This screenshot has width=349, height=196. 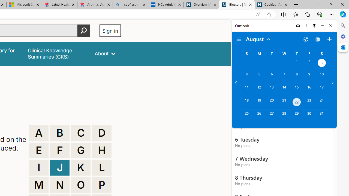 What do you see at coordinates (102, 133) in the screenshot?
I see `'D'` at bounding box center [102, 133].